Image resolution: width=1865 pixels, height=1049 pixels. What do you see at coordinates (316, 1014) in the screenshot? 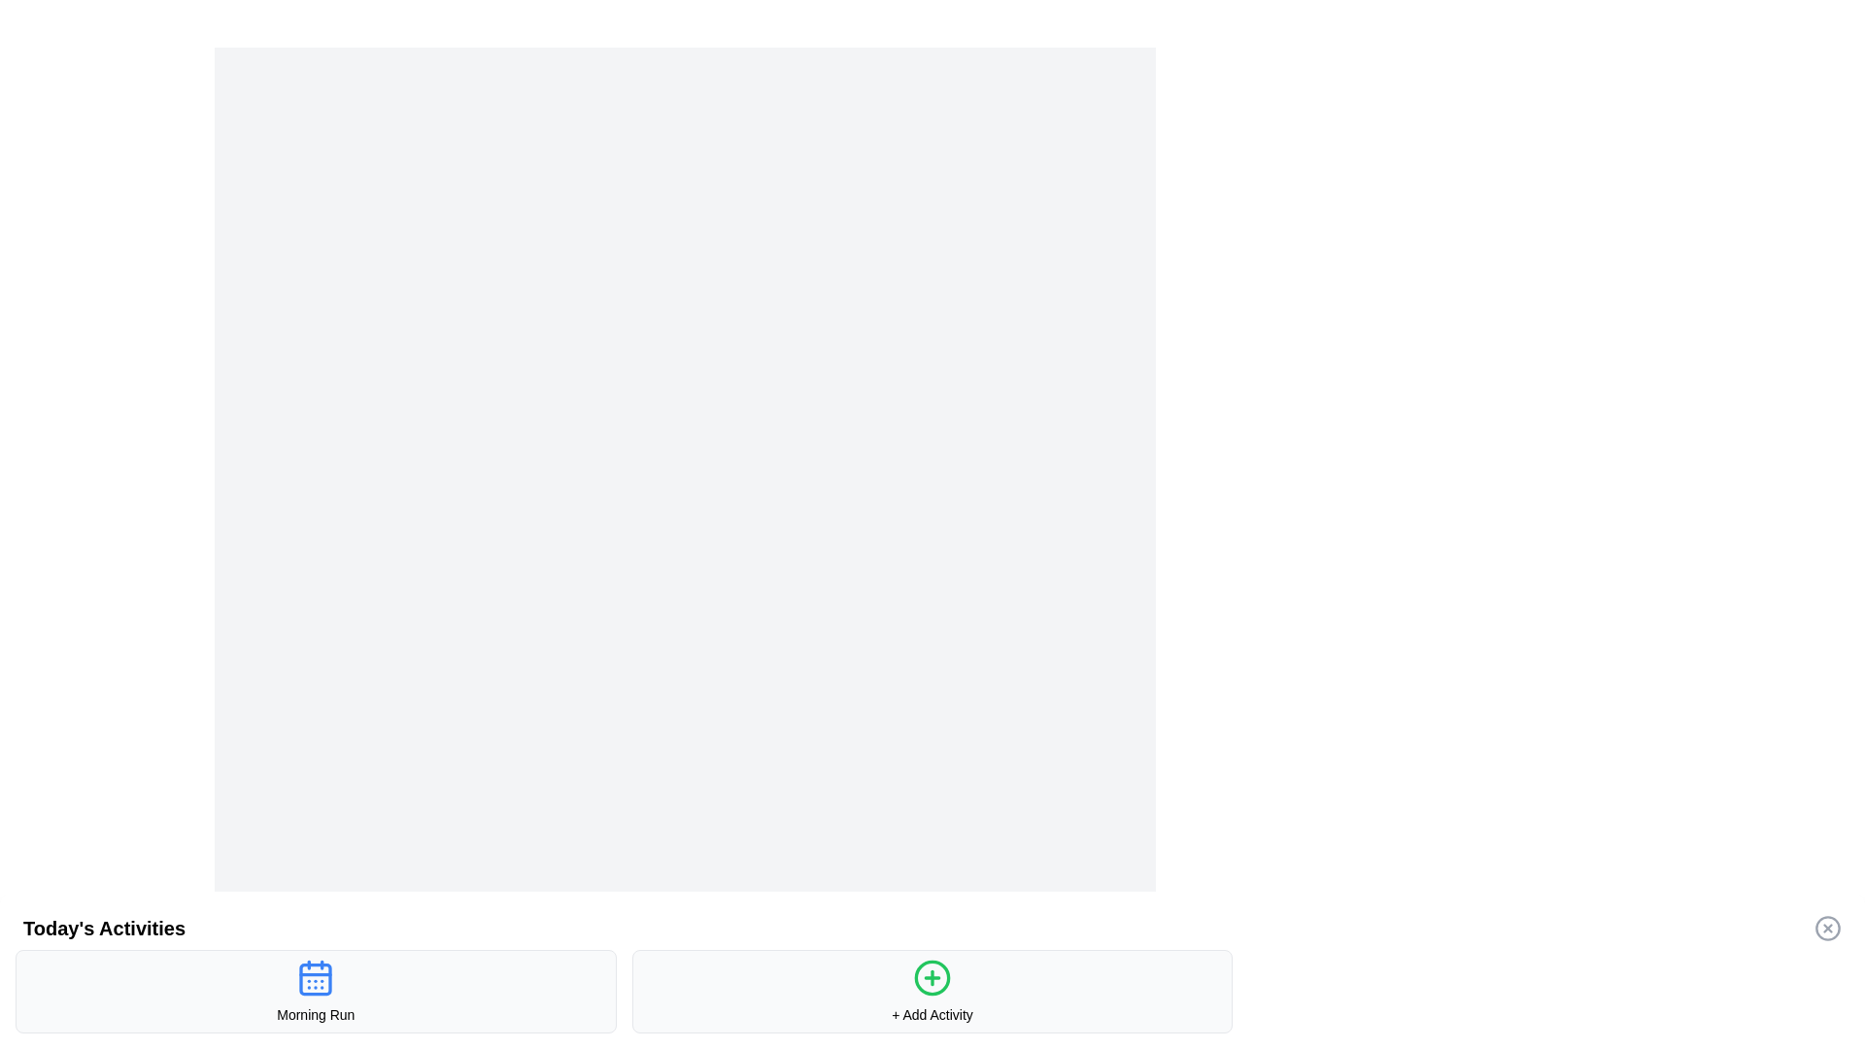
I see `the non-interactive Text label that provides the title or name of the activity, located underneath the calendar icon at the bottom center of the activity section` at bounding box center [316, 1014].